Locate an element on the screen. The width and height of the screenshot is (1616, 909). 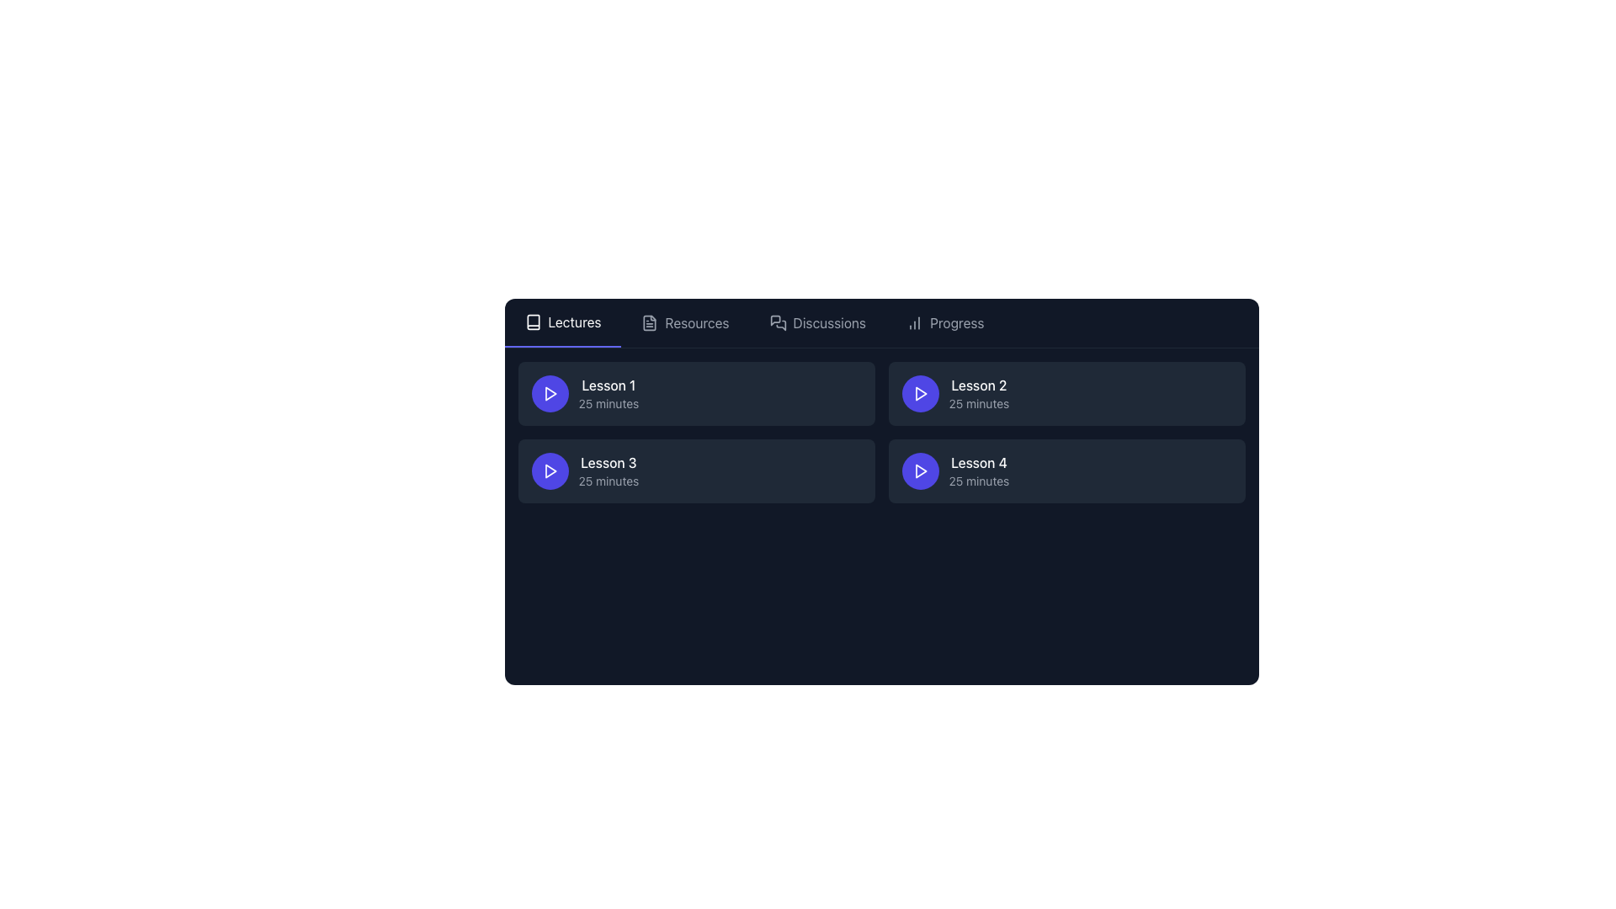
the circular purple button with a white play icon is located at coordinates (919, 393).